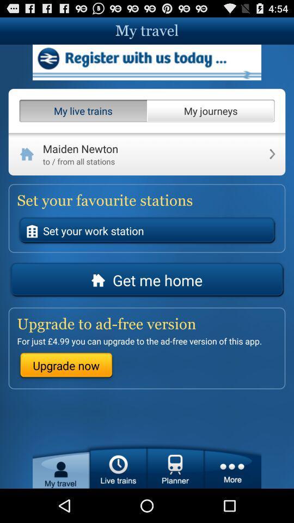 Image resolution: width=294 pixels, height=523 pixels. What do you see at coordinates (147, 62) in the screenshot?
I see `register with service` at bounding box center [147, 62].